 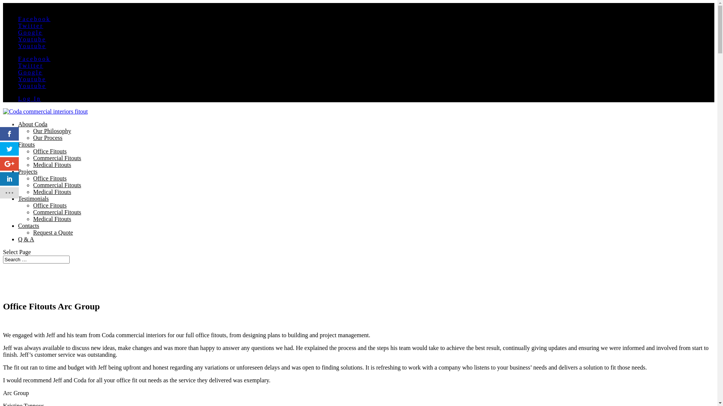 I want to click on 'Office Fitouts', so click(x=49, y=178).